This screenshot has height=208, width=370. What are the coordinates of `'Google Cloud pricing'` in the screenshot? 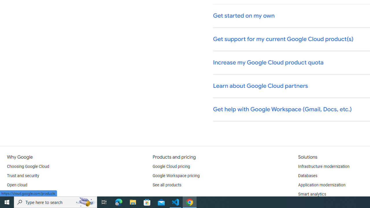 It's located at (171, 167).